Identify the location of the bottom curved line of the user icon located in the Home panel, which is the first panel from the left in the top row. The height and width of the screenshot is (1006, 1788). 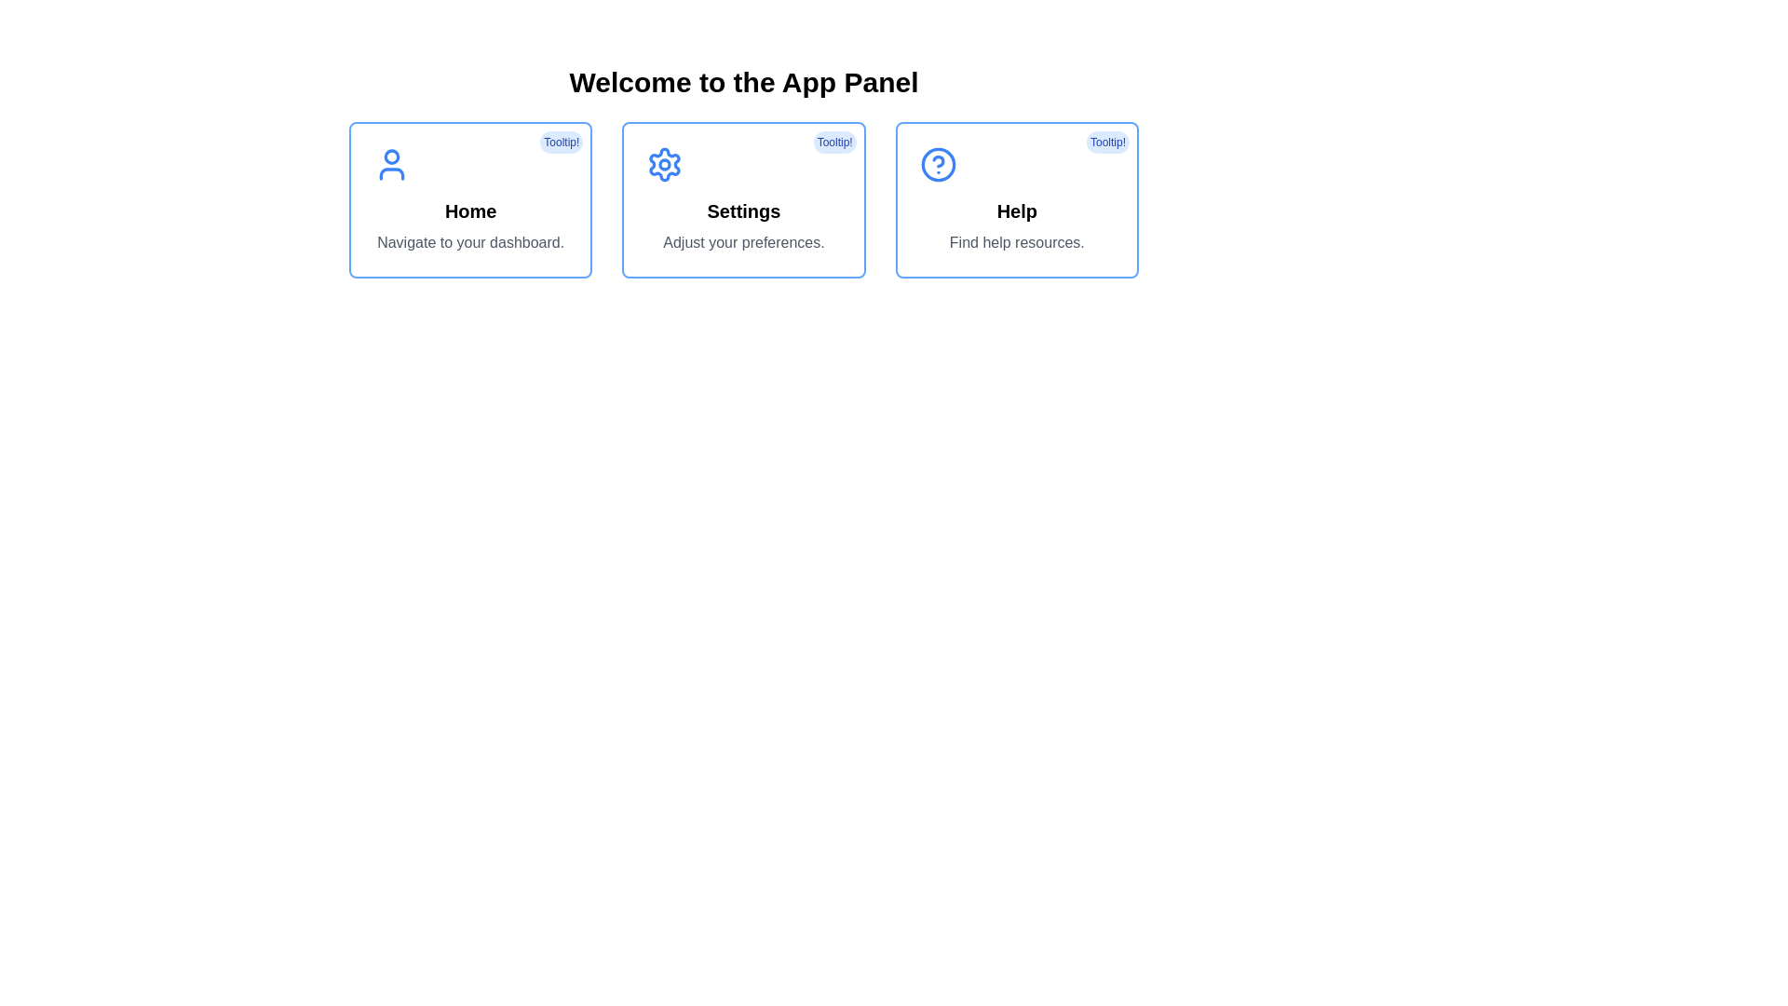
(391, 173).